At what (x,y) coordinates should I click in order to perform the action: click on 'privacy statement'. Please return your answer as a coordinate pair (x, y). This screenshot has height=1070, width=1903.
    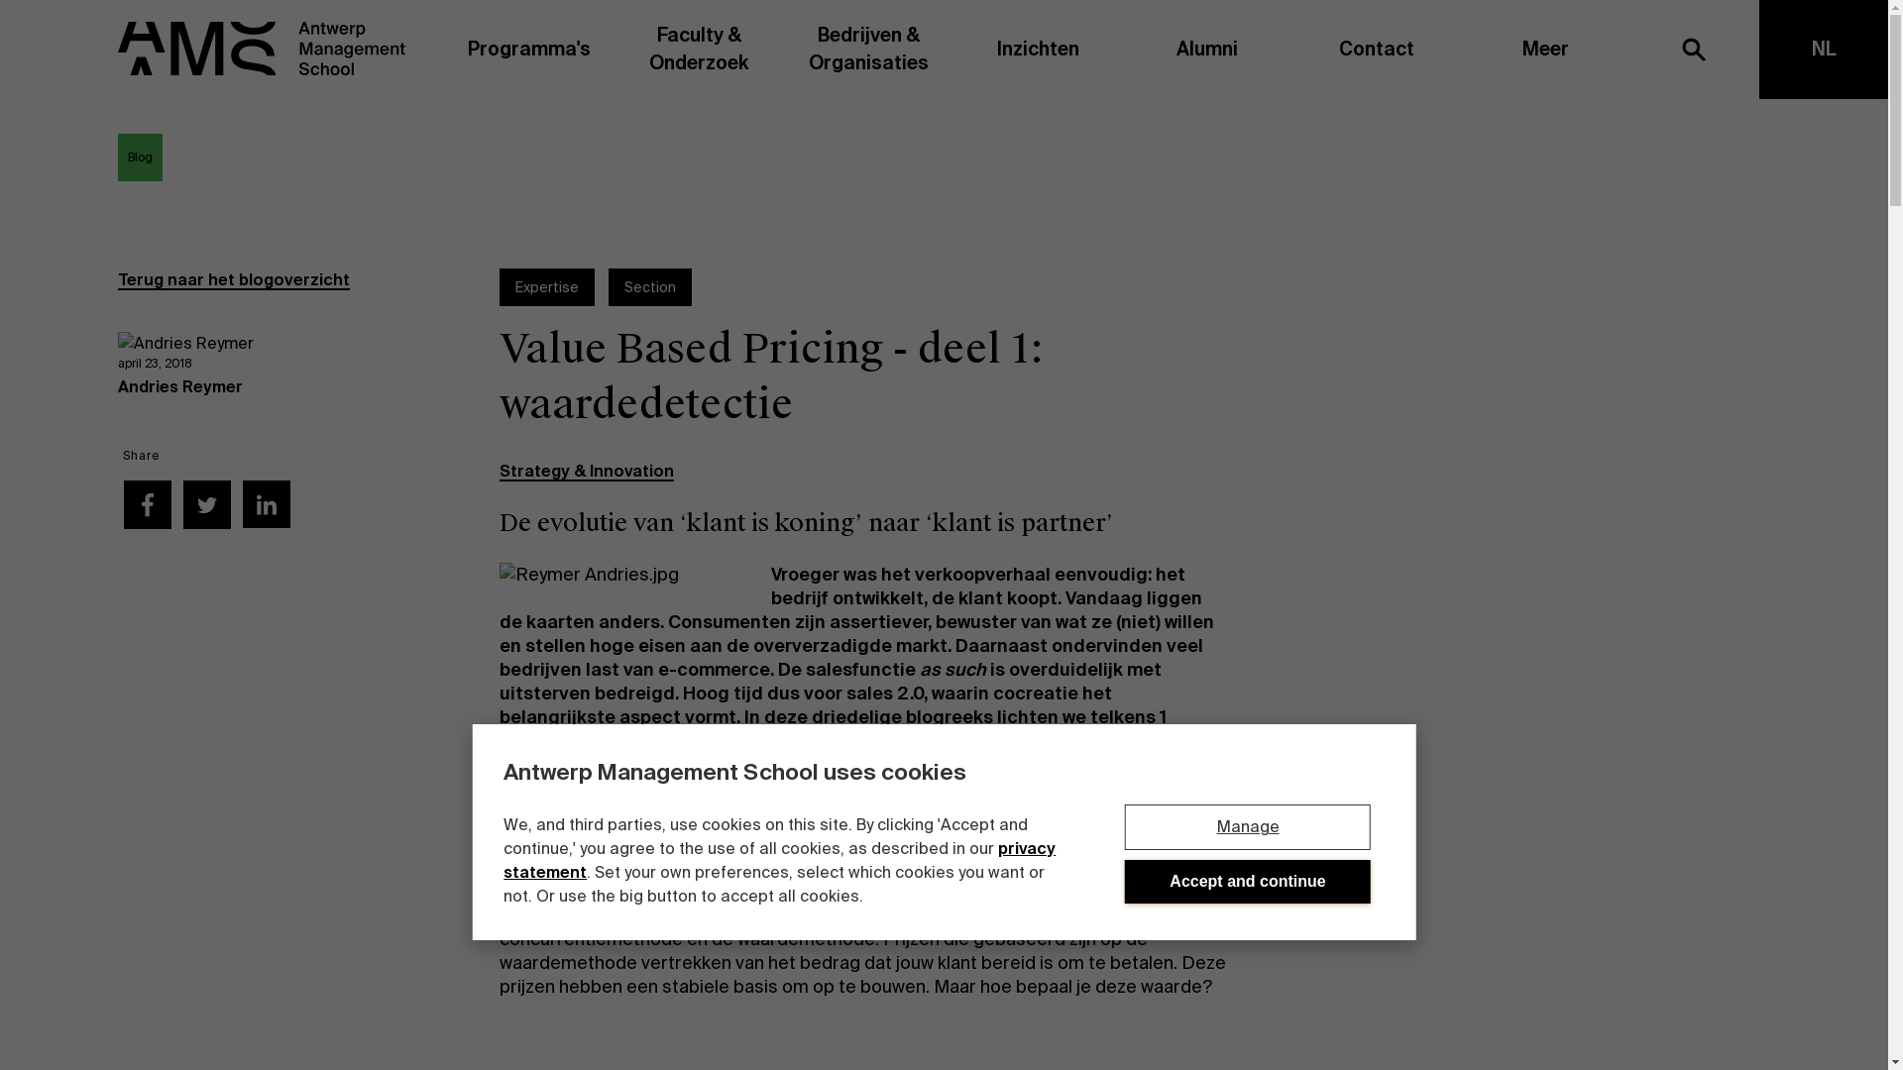
    Looking at the image, I should click on (778, 859).